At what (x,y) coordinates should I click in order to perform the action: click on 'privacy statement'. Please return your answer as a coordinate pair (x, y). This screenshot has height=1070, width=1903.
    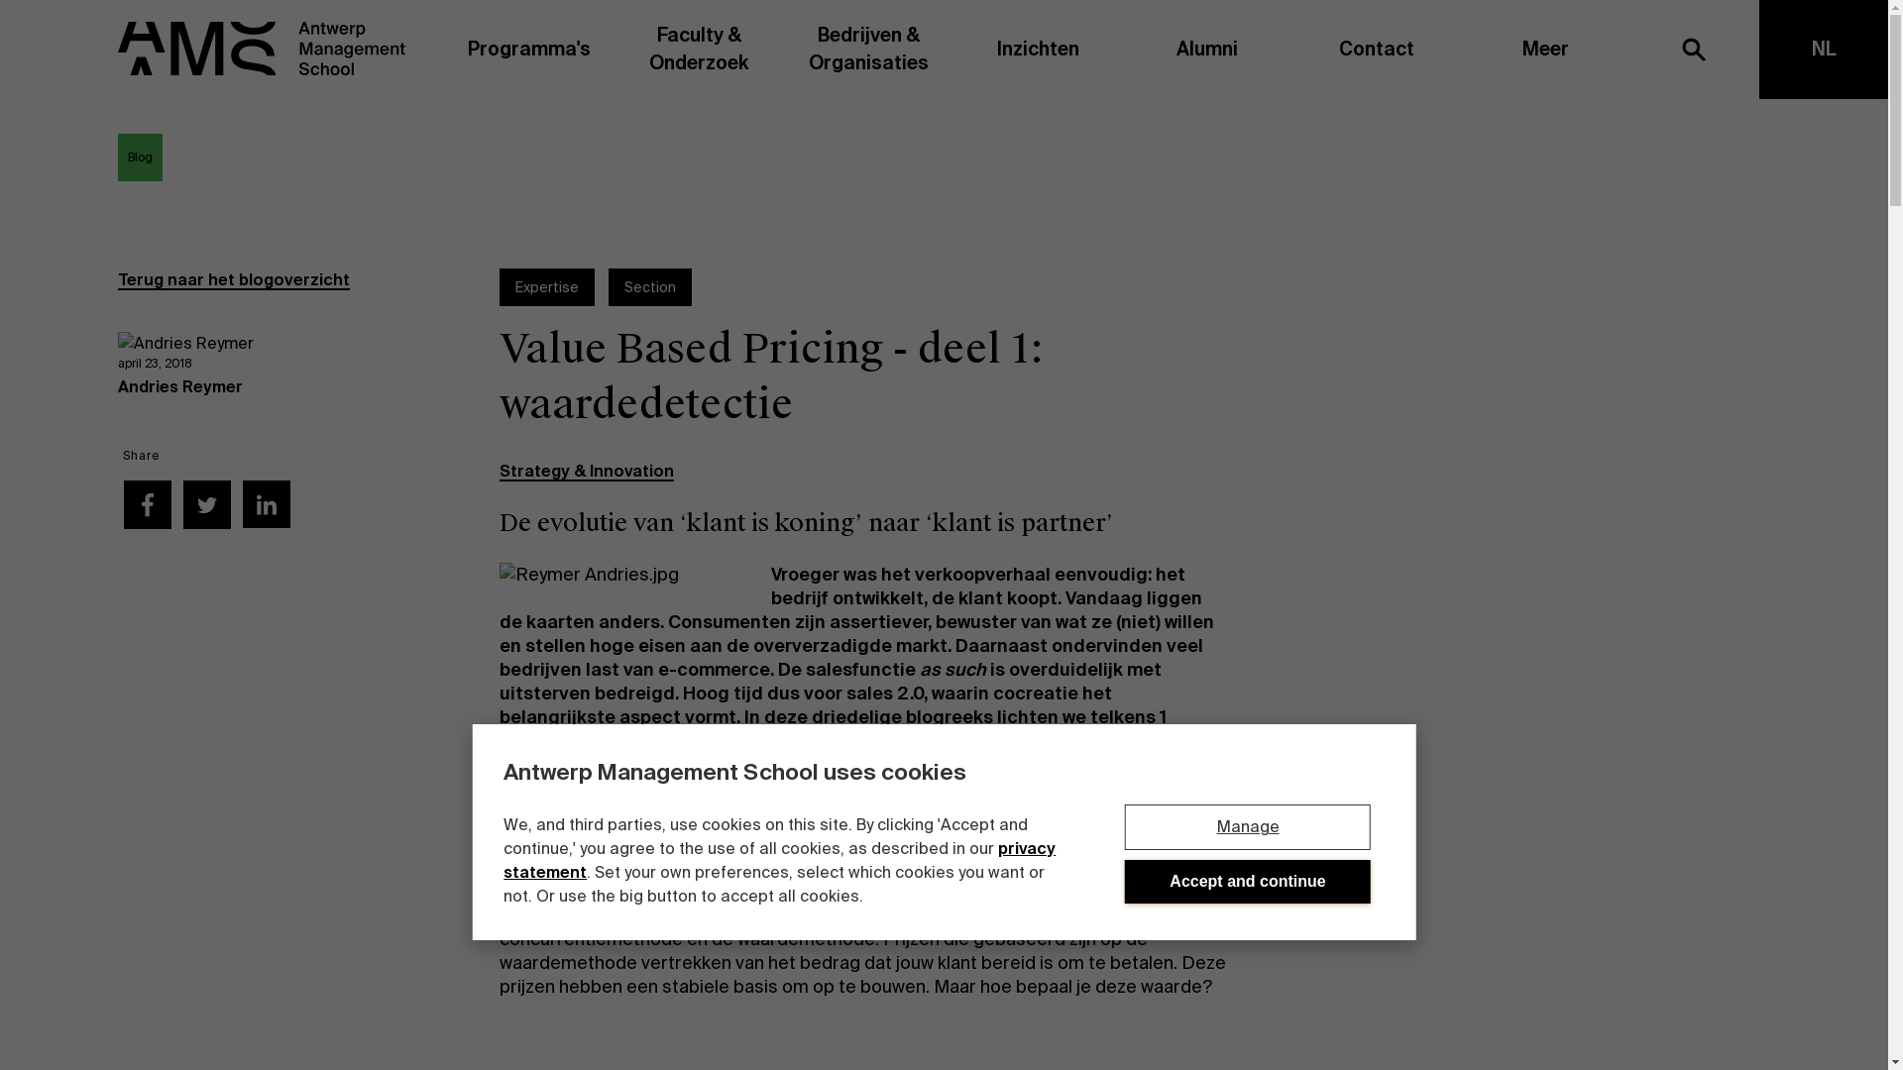
    Looking at the image, I should click on (778, 859).